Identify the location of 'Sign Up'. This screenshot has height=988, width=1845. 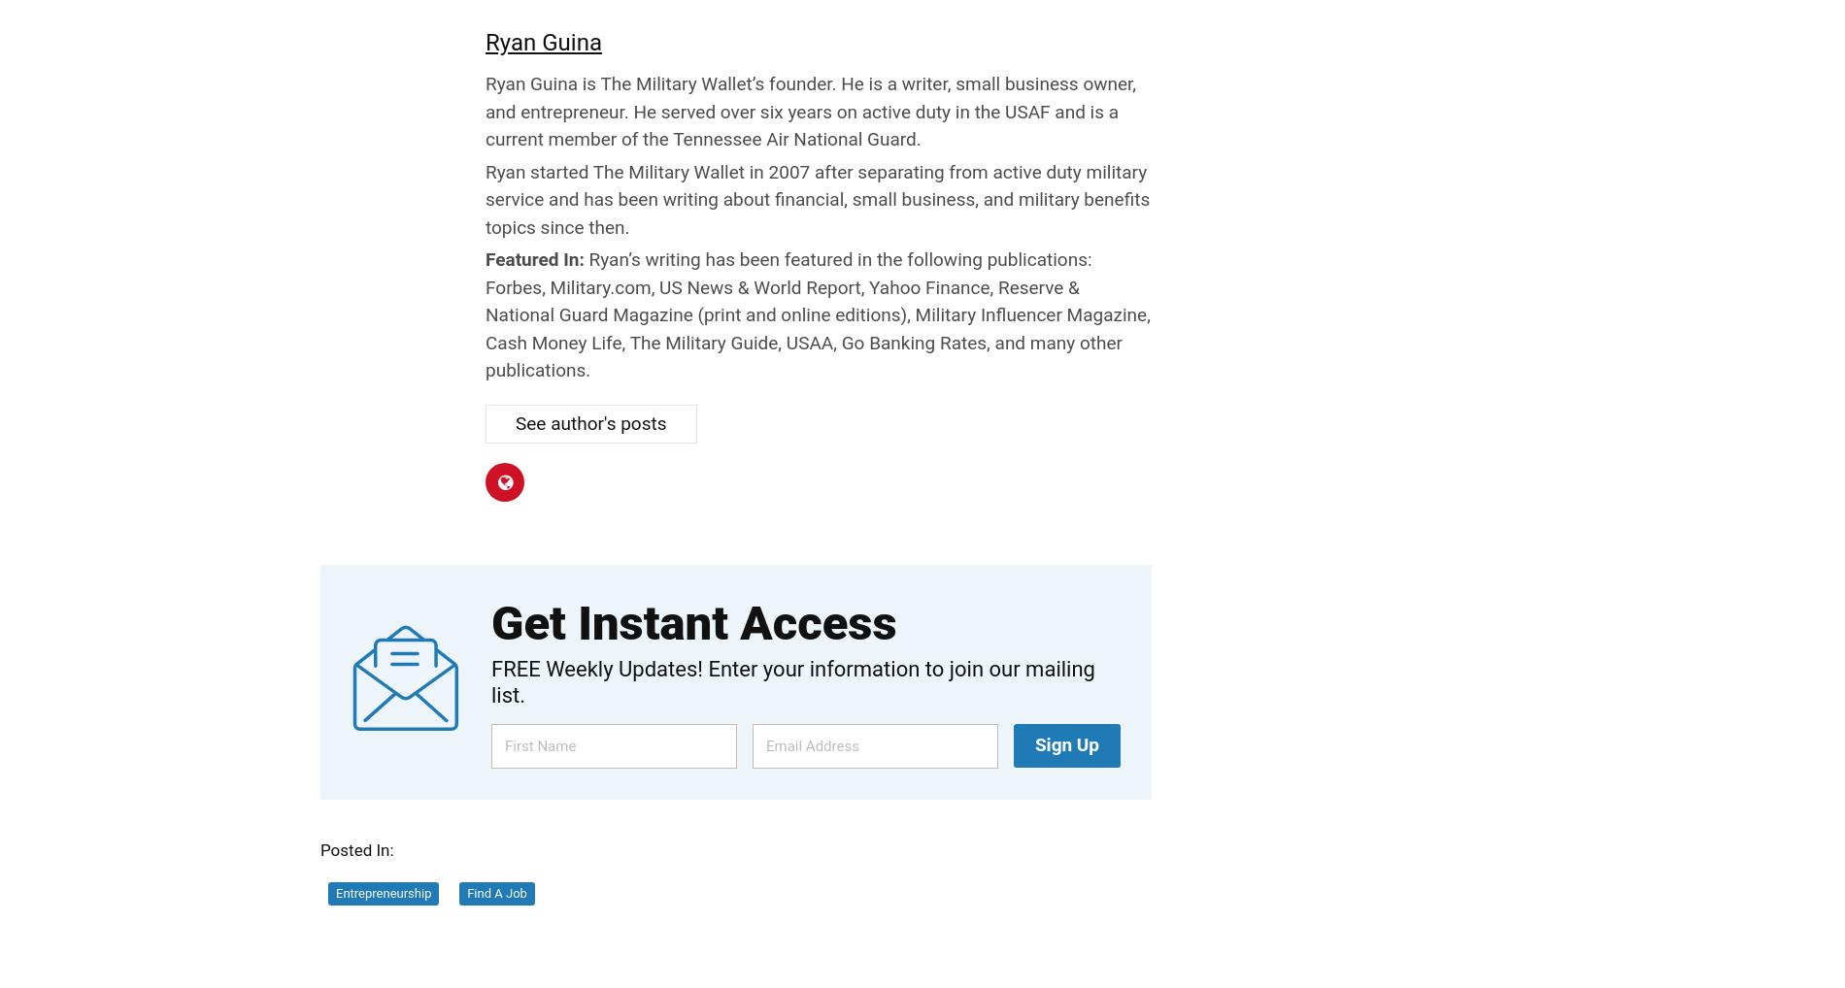
(1066, 743).